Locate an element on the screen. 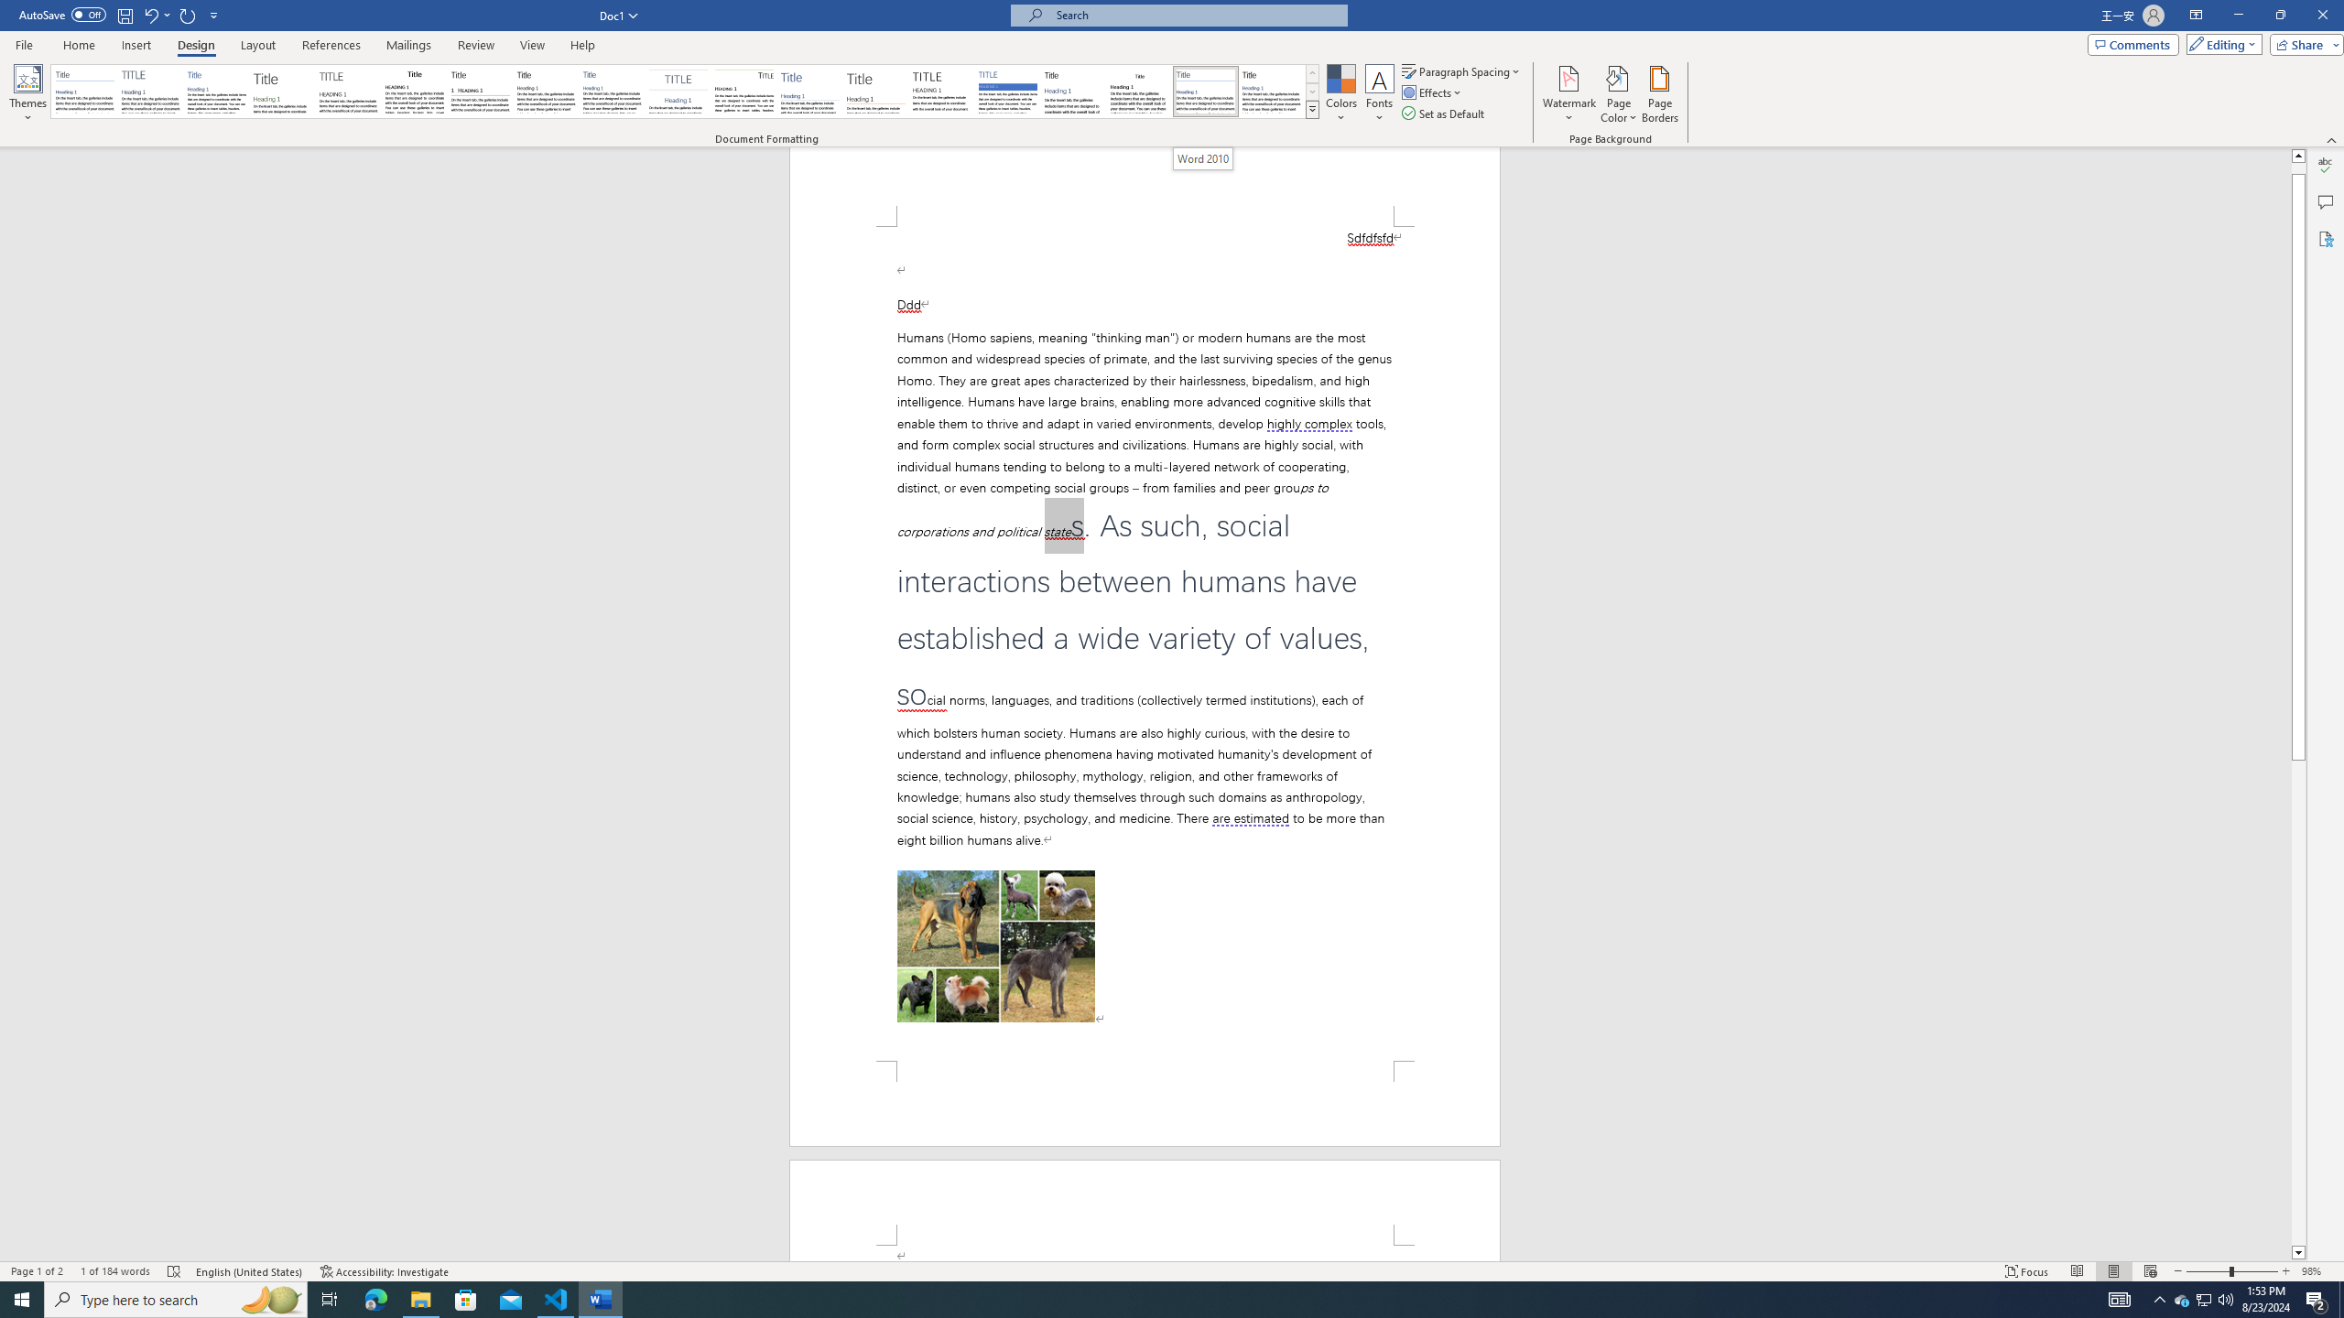 This screenshot has height=1318, width=2344. 'Black & White (Capitalized)' is located at coordinates (348, 91).